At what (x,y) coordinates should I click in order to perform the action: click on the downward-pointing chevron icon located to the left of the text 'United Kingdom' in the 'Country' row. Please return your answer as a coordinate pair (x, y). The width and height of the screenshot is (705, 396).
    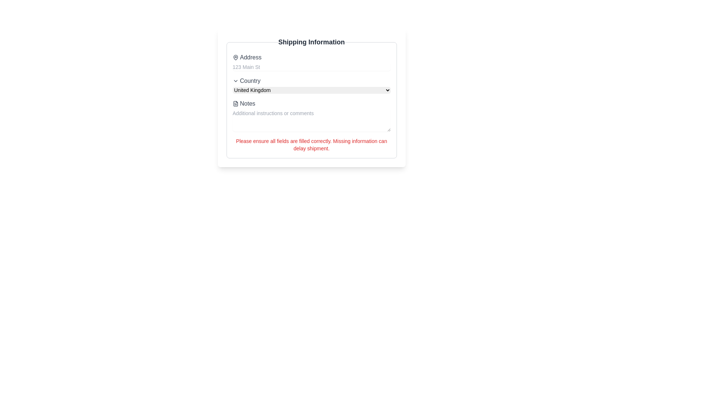
    Looking at the image, I should click on (235, 81).